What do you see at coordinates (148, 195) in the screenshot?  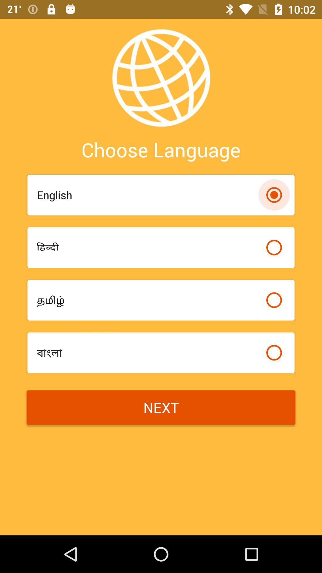 I see `the english` at bounding box center [148, 195].